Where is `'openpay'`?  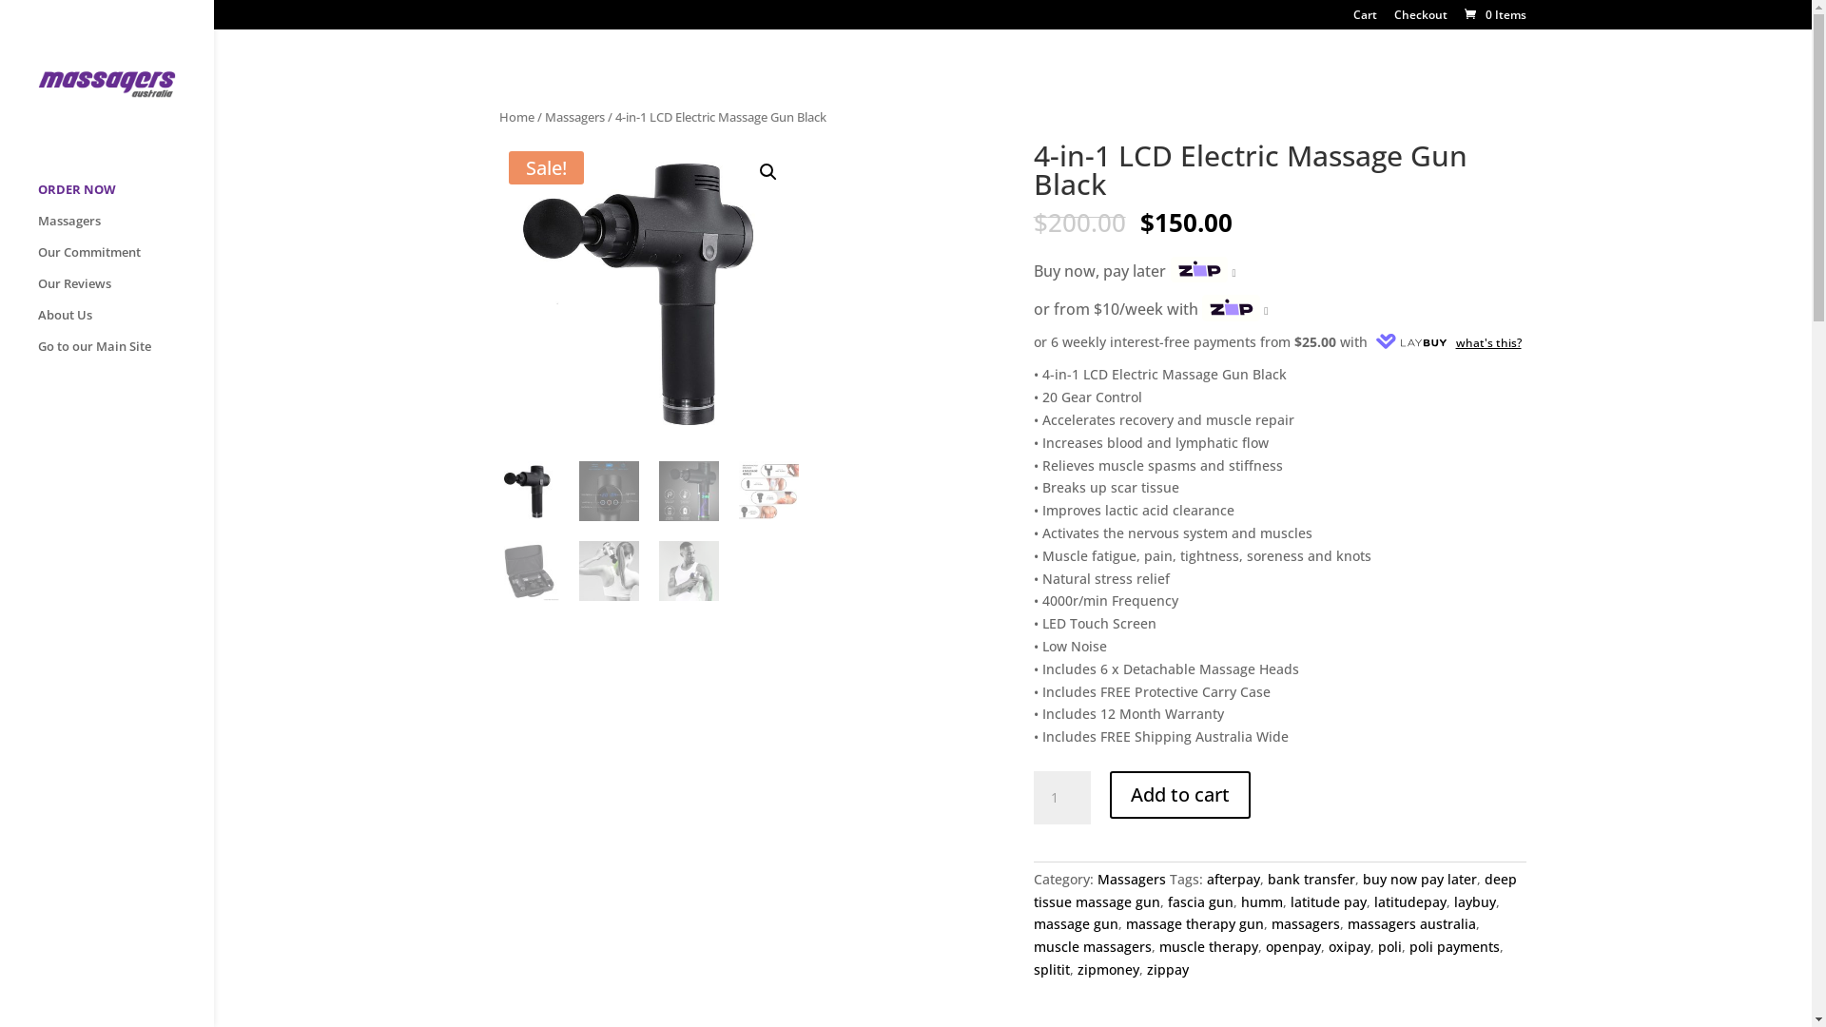 'openpay' is located at coordinates (1292, 946).